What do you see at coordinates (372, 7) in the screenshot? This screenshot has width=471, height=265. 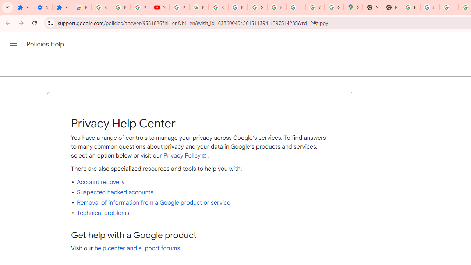 I see `'New Tab'` at bounding box center [372, 7].